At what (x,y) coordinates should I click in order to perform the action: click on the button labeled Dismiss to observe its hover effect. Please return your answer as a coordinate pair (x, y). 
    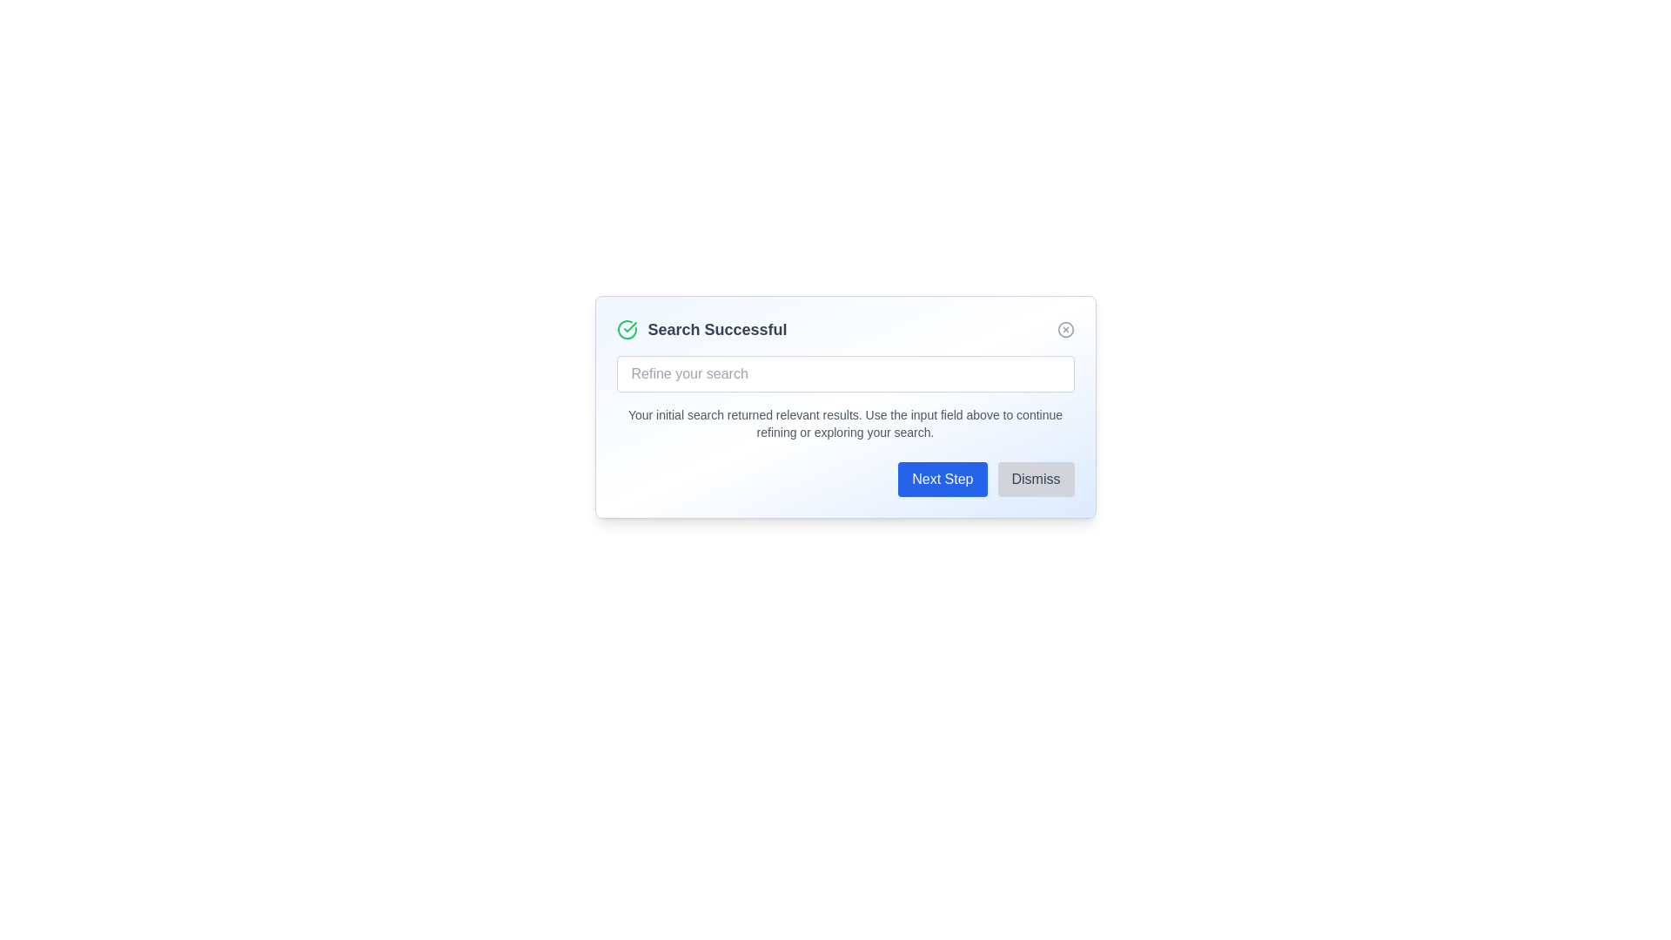
    Looking at the image, I should click on (1036, 480).